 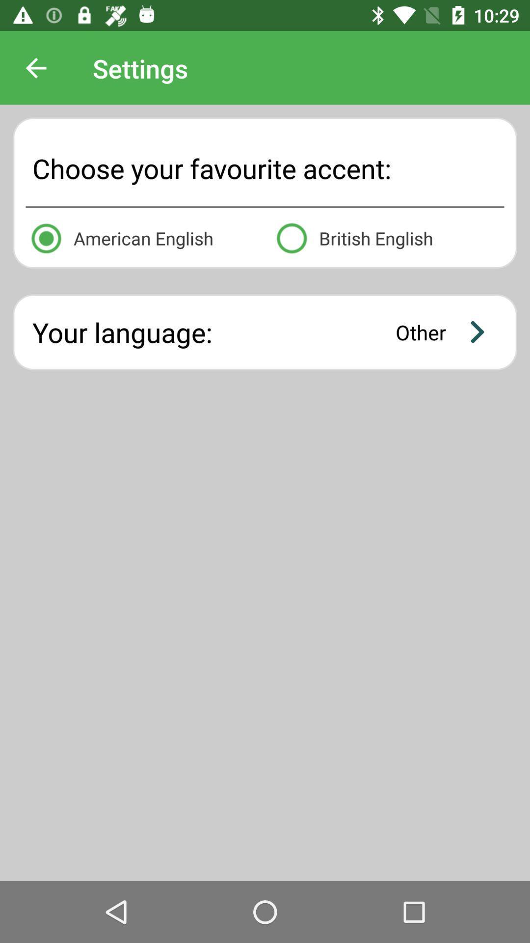 I want to click on the item to the left of the settings, so click(x=35, y=68).